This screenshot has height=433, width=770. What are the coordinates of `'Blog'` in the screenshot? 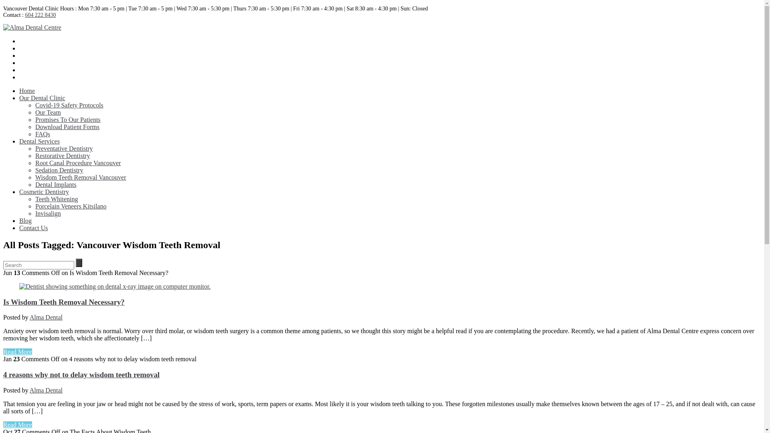 It's located at (25, 221).